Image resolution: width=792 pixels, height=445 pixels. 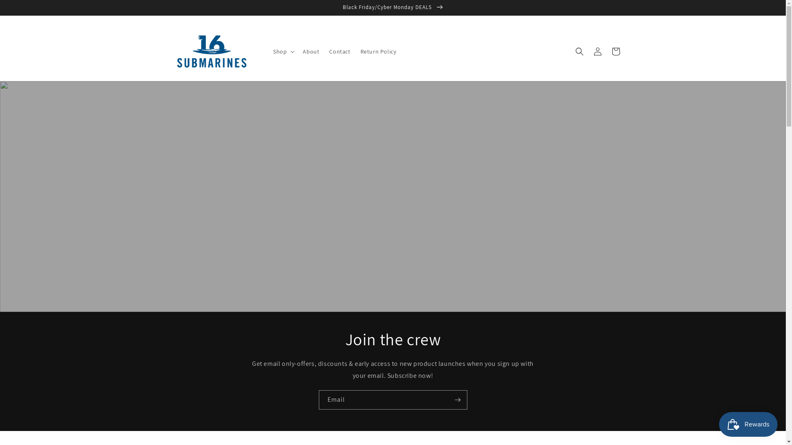 What do you see at coordinates (615, 51) in the screenshot?
I see `'Cart'` at bounding box center [615, 51].